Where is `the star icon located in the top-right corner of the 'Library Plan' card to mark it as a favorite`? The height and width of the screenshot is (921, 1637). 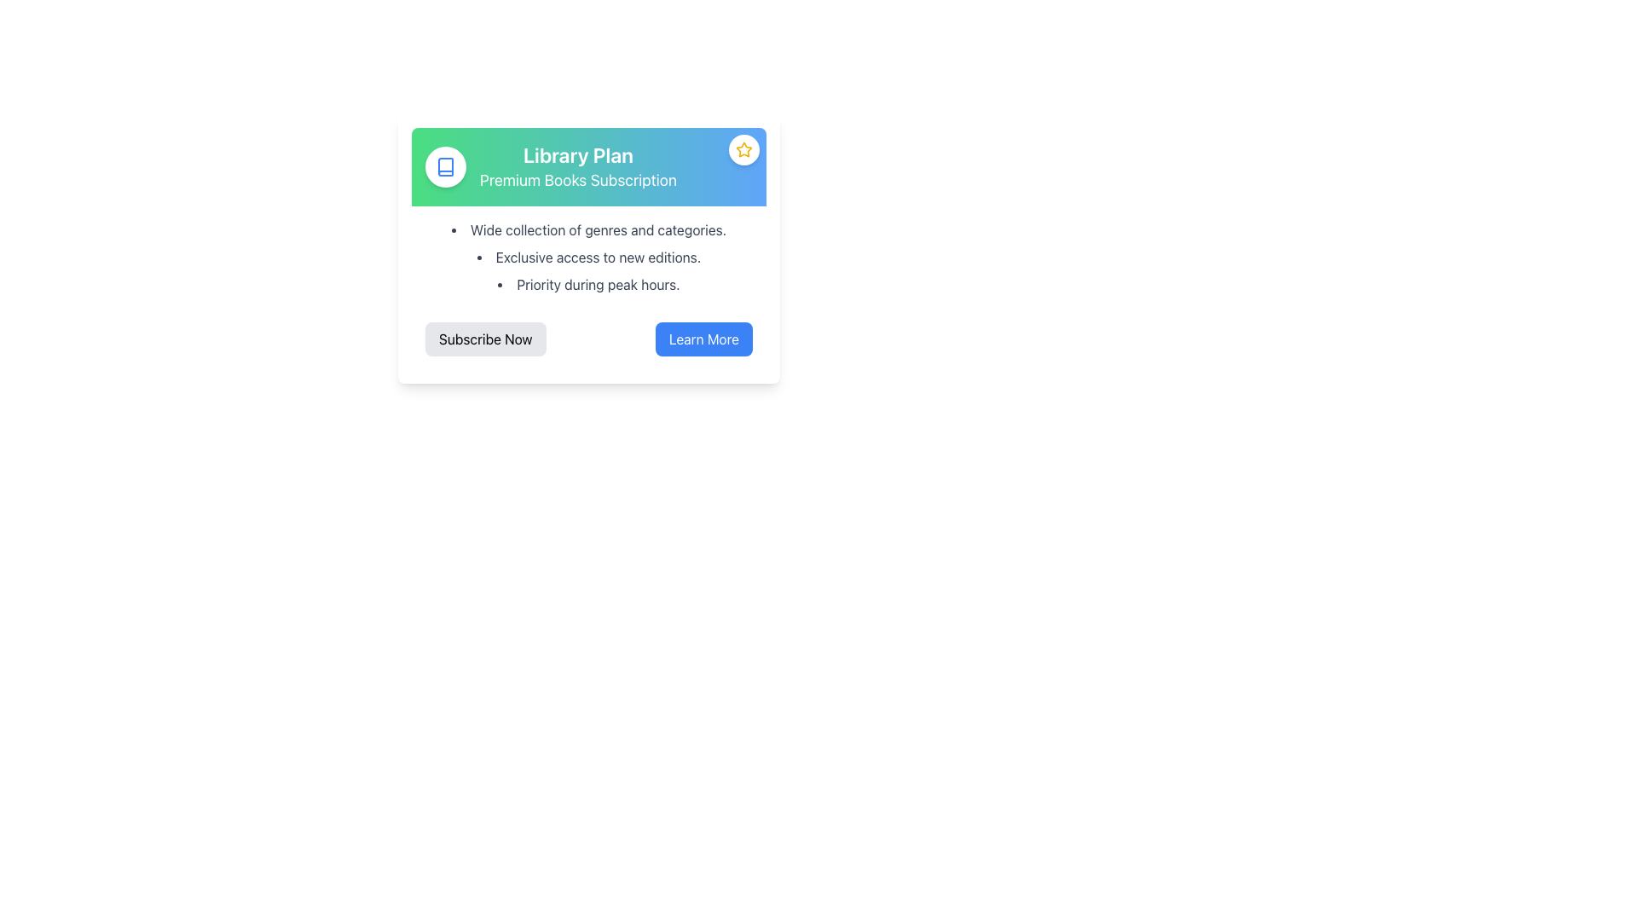
the star icon located in the top-right corner of the 'Library Plan' card to mark it as a favorite is located at coordinates (744, 149).